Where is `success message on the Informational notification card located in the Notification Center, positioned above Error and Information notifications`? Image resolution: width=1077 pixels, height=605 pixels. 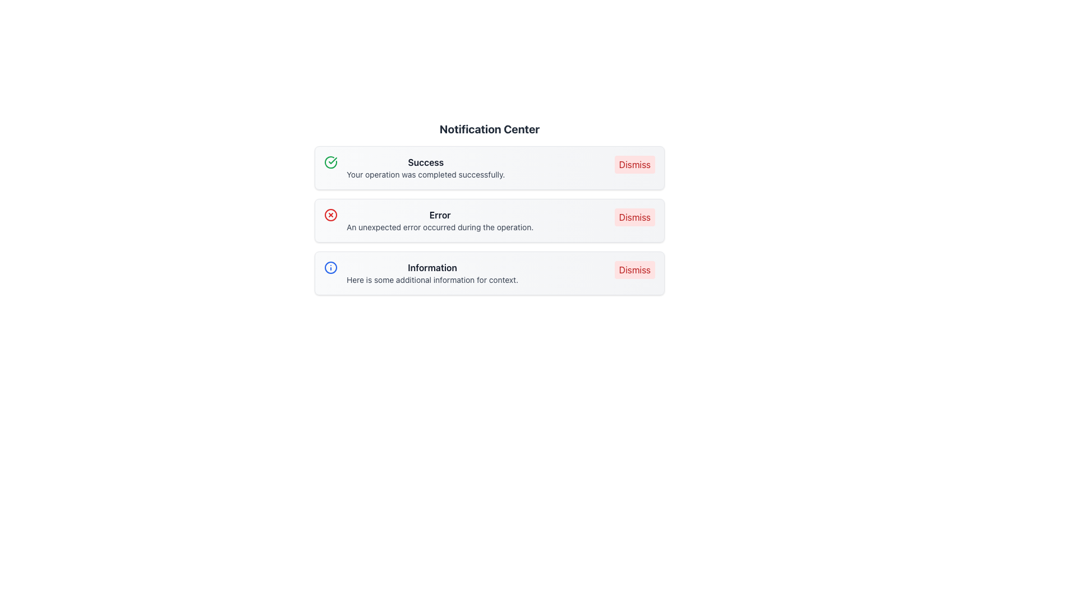
success message on the Informational notification card located in the Notification Center, positioned above Error and Information notifications is located at coordinates (490, 168).